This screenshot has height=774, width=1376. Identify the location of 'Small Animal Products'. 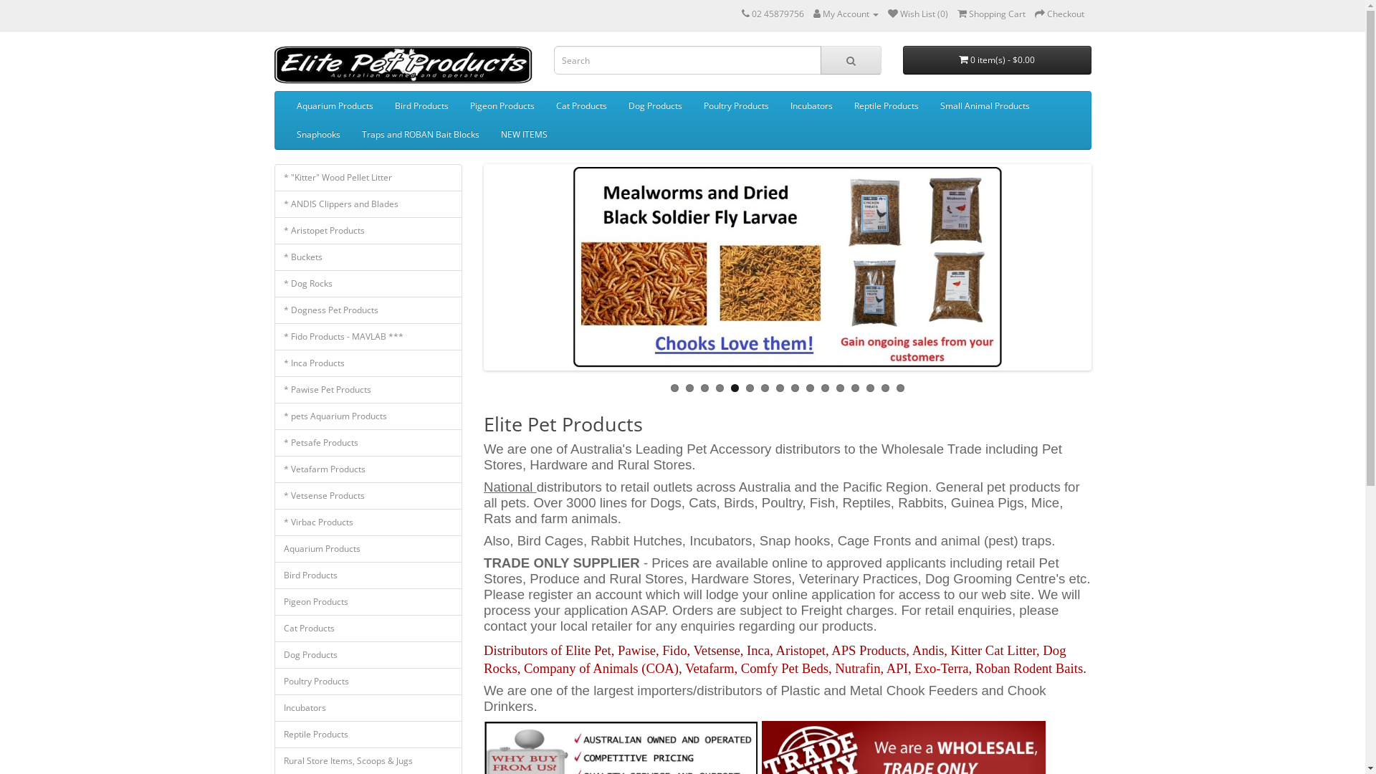
(983, 105).